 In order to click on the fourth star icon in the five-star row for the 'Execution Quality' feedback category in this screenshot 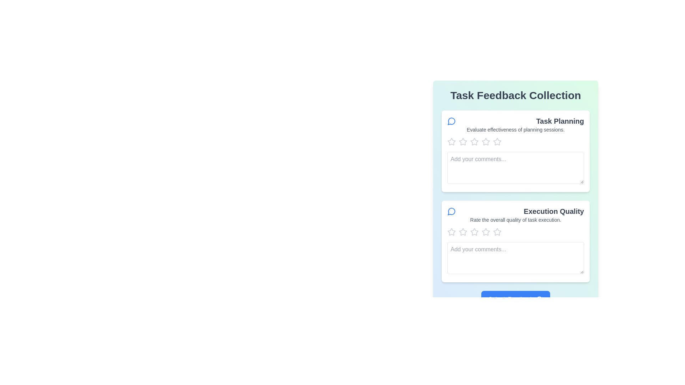, I will do `click(486, 232)`.